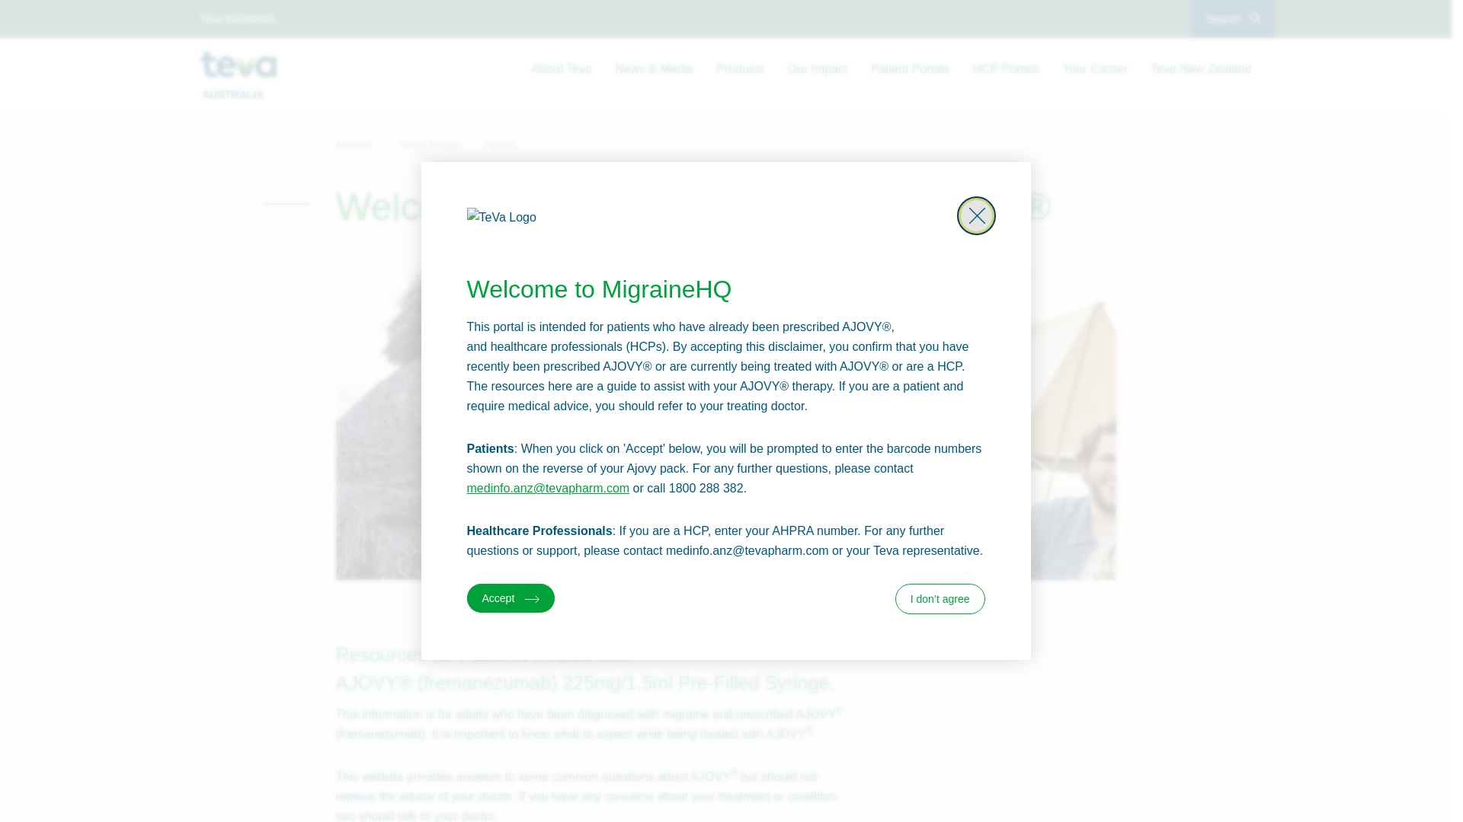 This screenshot has width=1463, height=822. What do you see at coordinates (237, 63) in the screenshot?
I see `'Teva Australia'` at bounding box center [237, 63].